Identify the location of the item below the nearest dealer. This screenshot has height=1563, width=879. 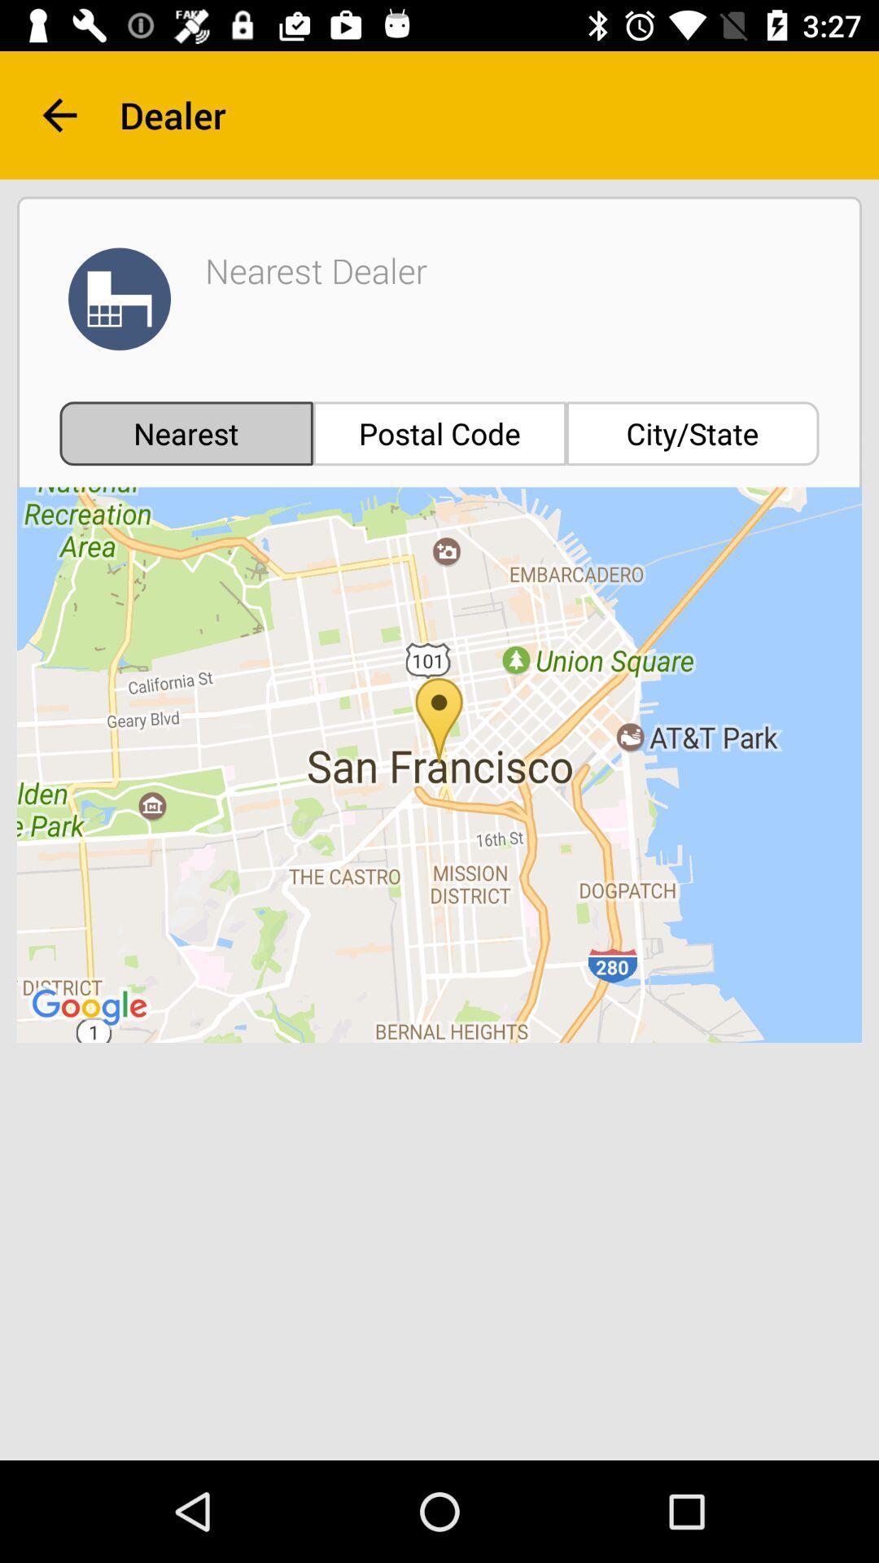
(439, 433).